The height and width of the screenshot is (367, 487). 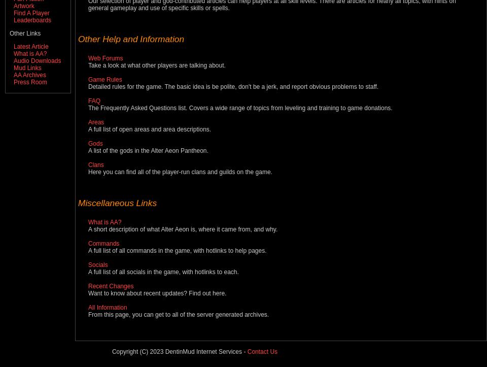 What do you see at coordinates (96, 164) in the screenshot?
I see `'Clans'` at bounding box center [96, 164].